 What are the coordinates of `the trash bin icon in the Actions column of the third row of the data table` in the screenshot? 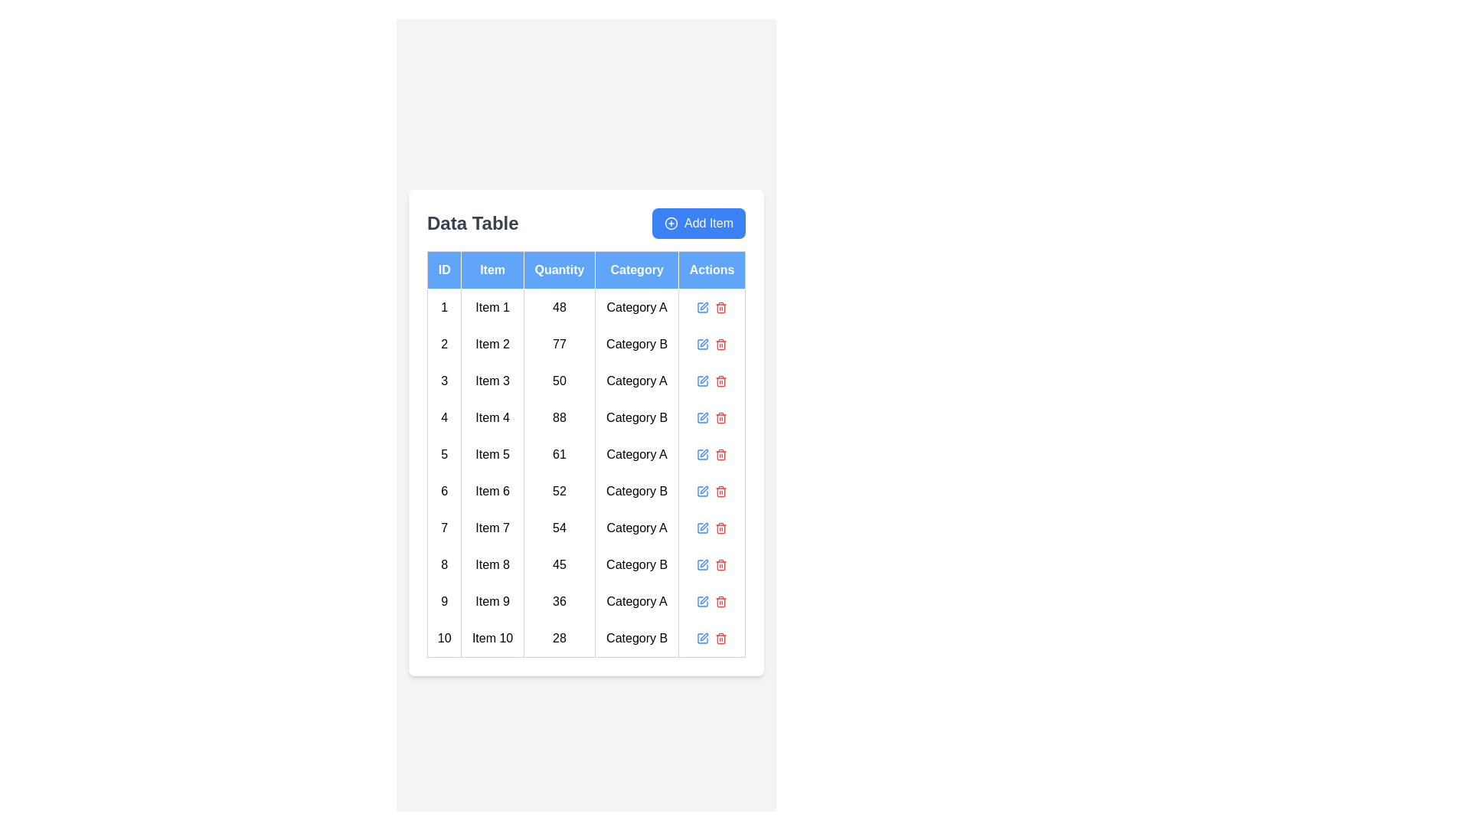 It's located at (711, 380).